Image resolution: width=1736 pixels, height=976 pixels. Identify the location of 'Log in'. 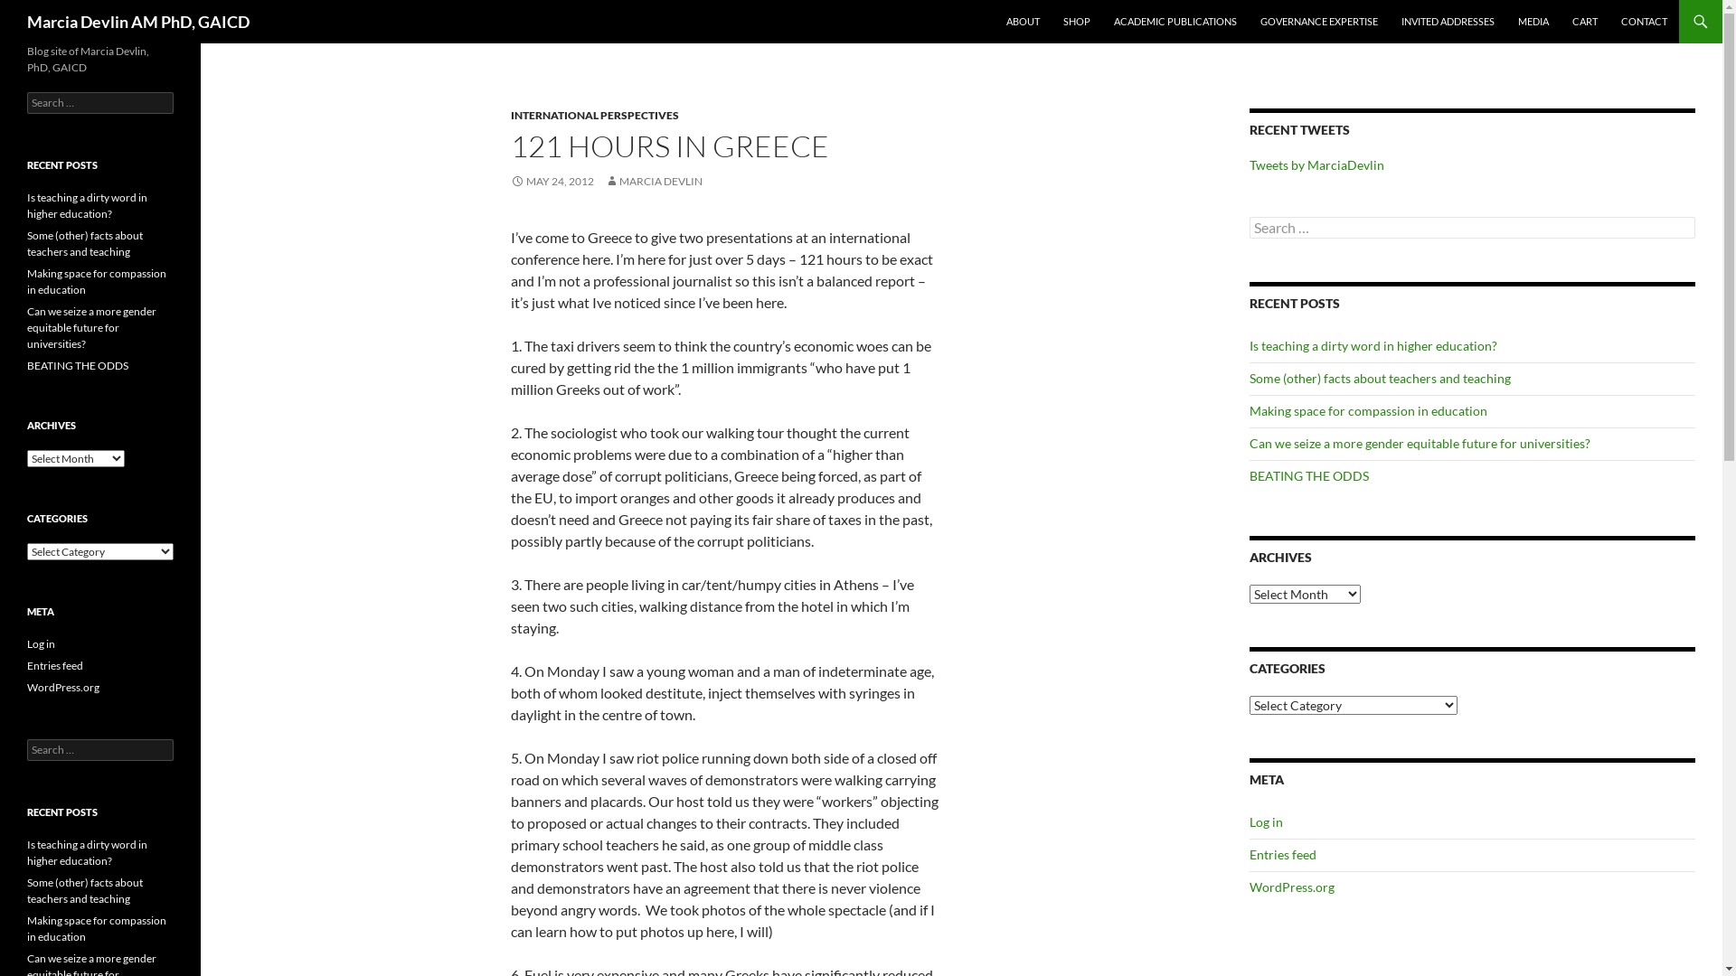
(1265, 821).